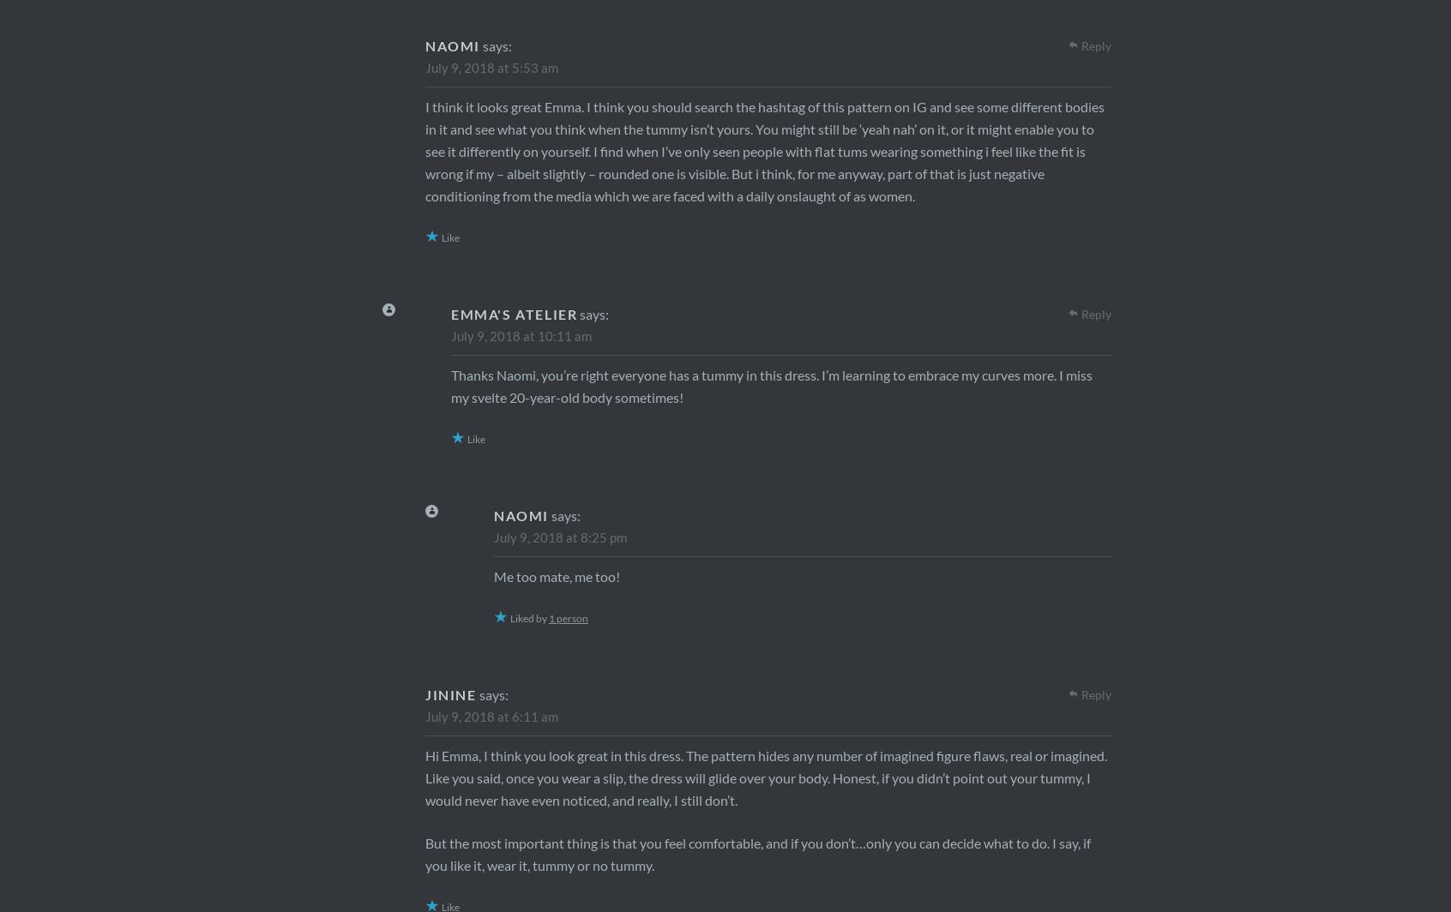 The height and width of the screenshot is (912, 1451). What do you see at coordinates (568, 618) in the screenshot?
I see `'1 person'` at bounding box center [568, 618].